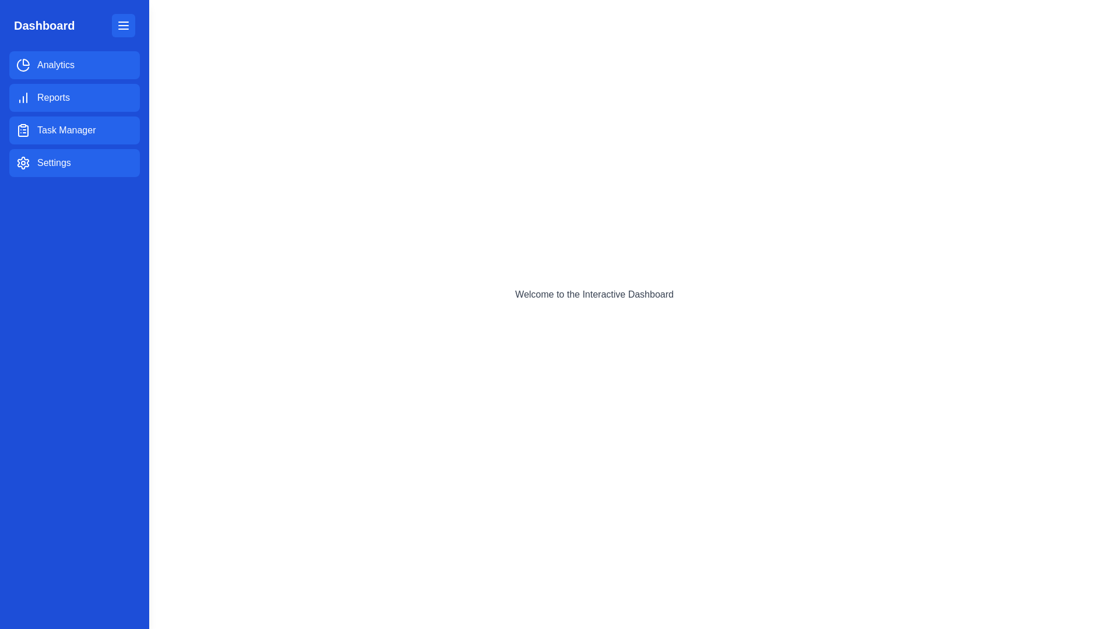  What do you see at coordinates (74, 65) in the screenshot?
I see `the menu item labeled Analytics in the drawer` at bounding box center [74, 65].